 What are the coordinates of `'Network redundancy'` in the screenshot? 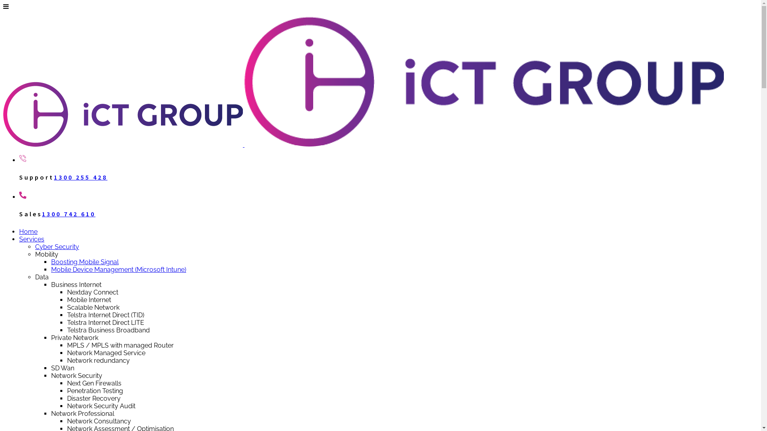 It's located at (98, 360).